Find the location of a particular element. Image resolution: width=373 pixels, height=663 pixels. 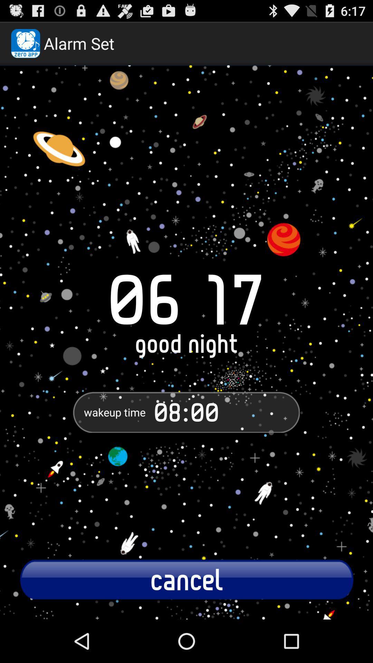

item below the 08:00 is located at coordinates (186, 579).